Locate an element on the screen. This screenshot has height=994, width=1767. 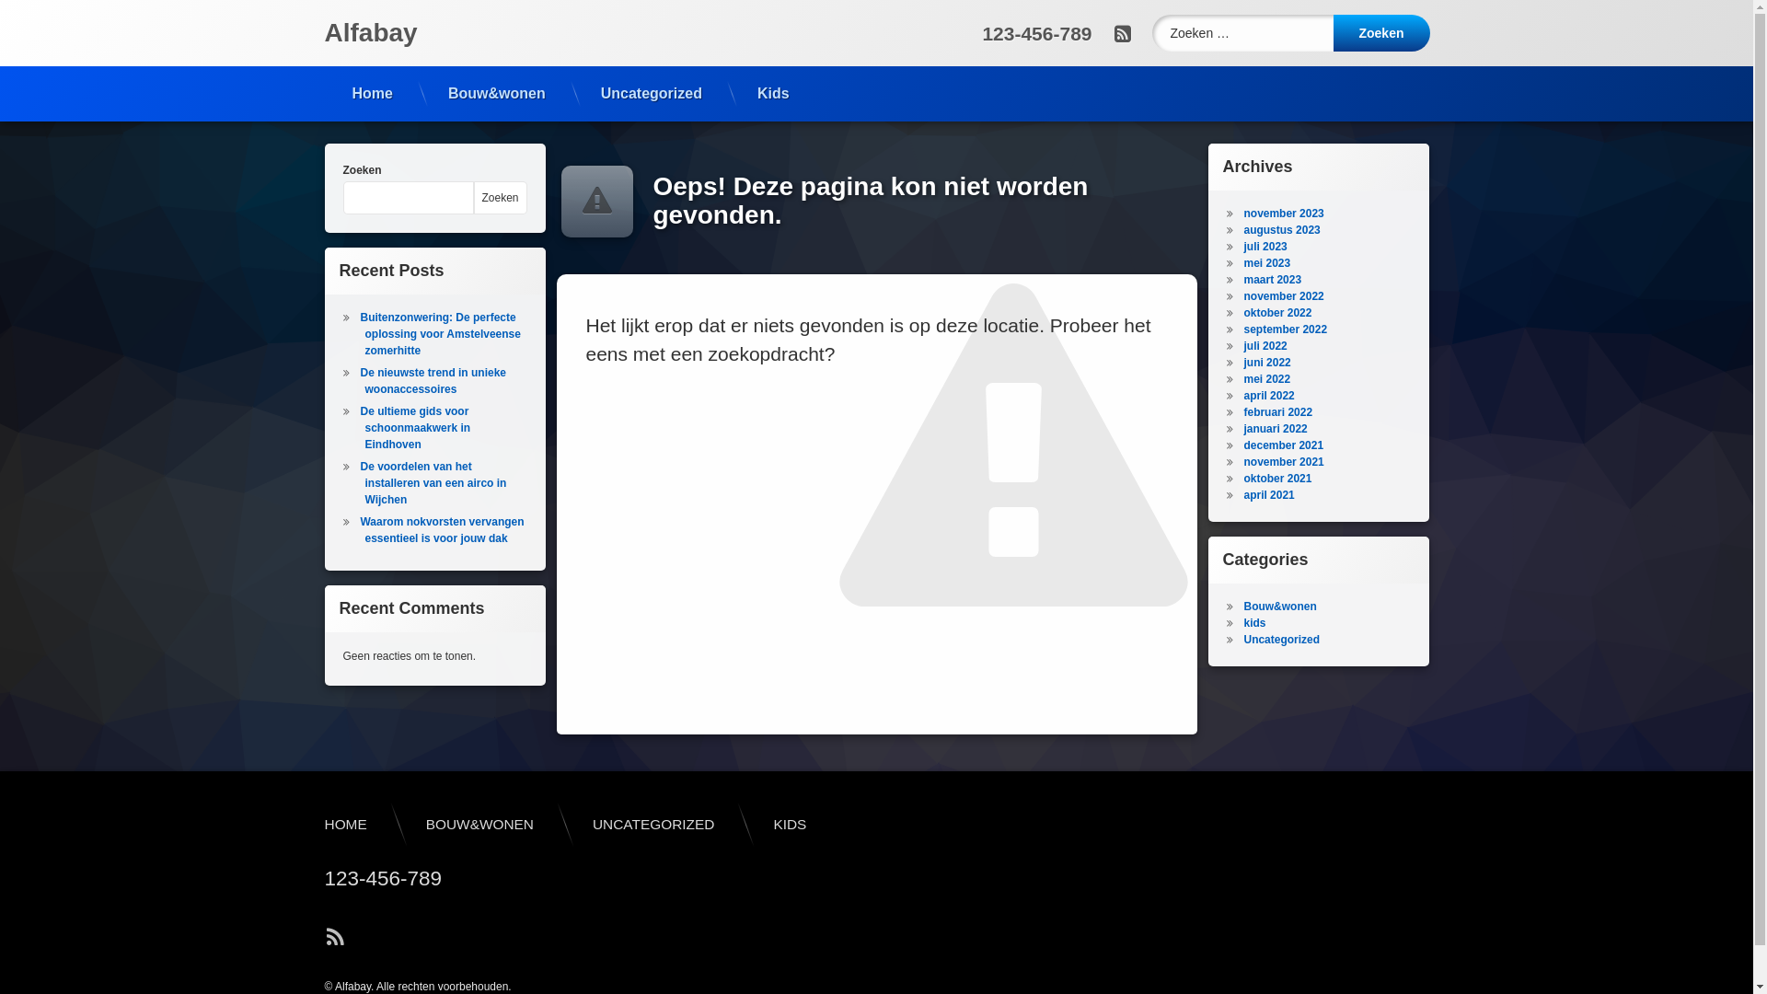
'november 2023' is located at coordinates (1282, 212).